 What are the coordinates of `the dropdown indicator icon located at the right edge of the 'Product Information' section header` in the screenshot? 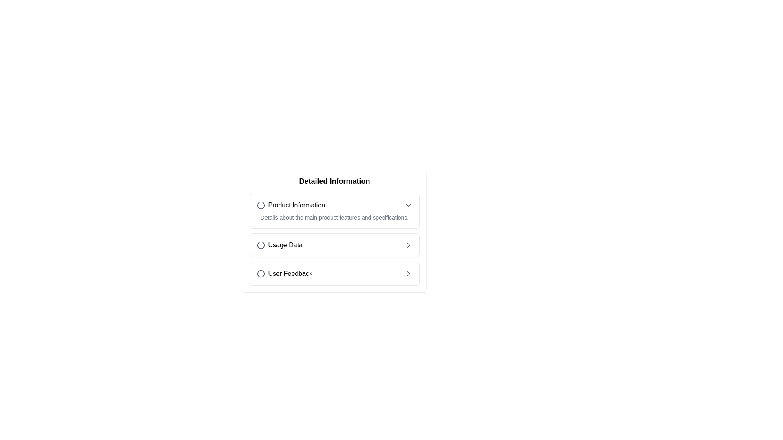 It's located at (408, 205).